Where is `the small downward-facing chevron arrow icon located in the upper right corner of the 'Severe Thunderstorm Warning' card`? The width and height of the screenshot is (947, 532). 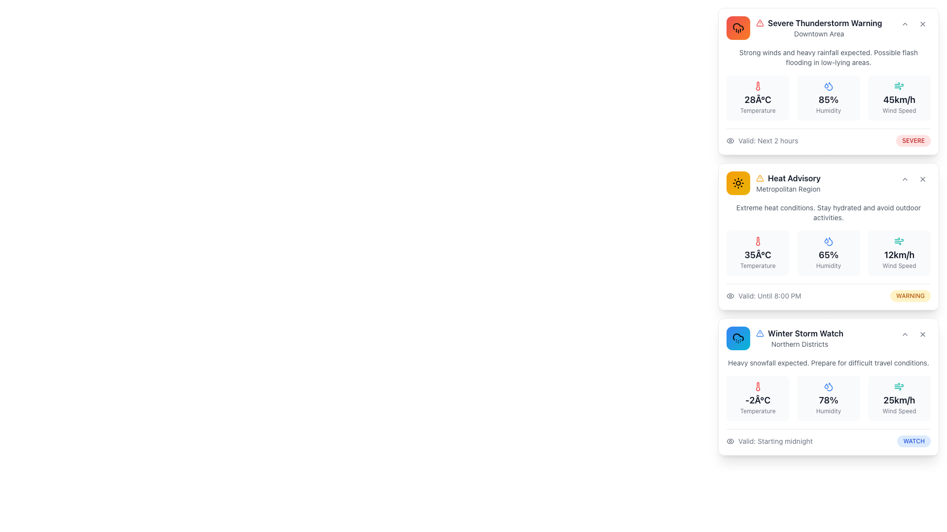
the small downward-facing chevron arrow icon located in the upper right corner of the 'Severe Thunderstorm Warning' card is located at coordinates (905, 24).